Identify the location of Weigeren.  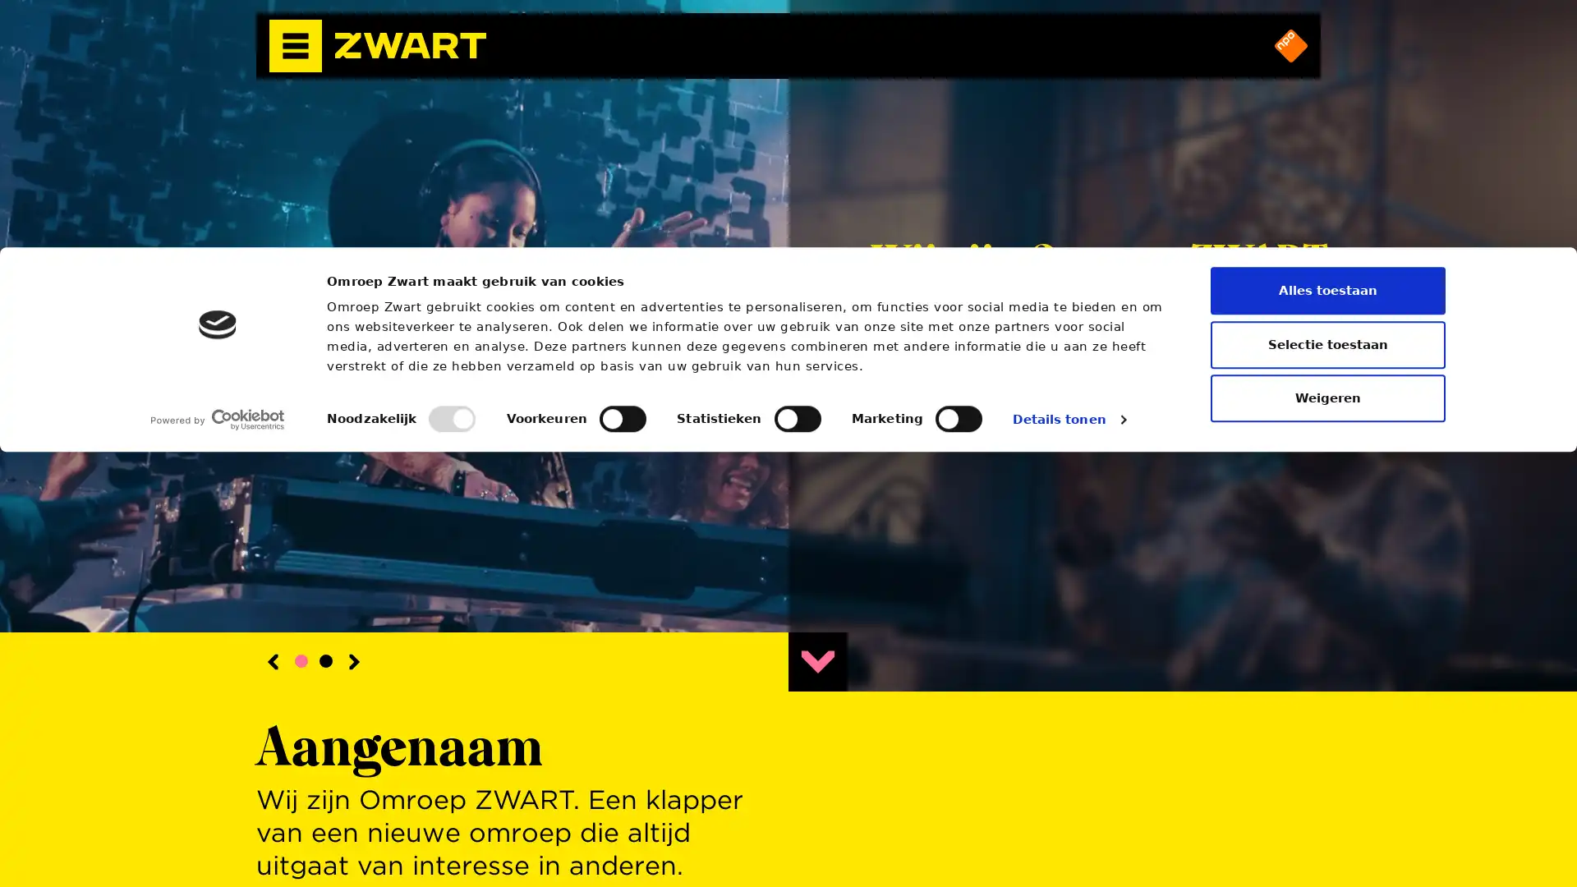
(1328, 833).